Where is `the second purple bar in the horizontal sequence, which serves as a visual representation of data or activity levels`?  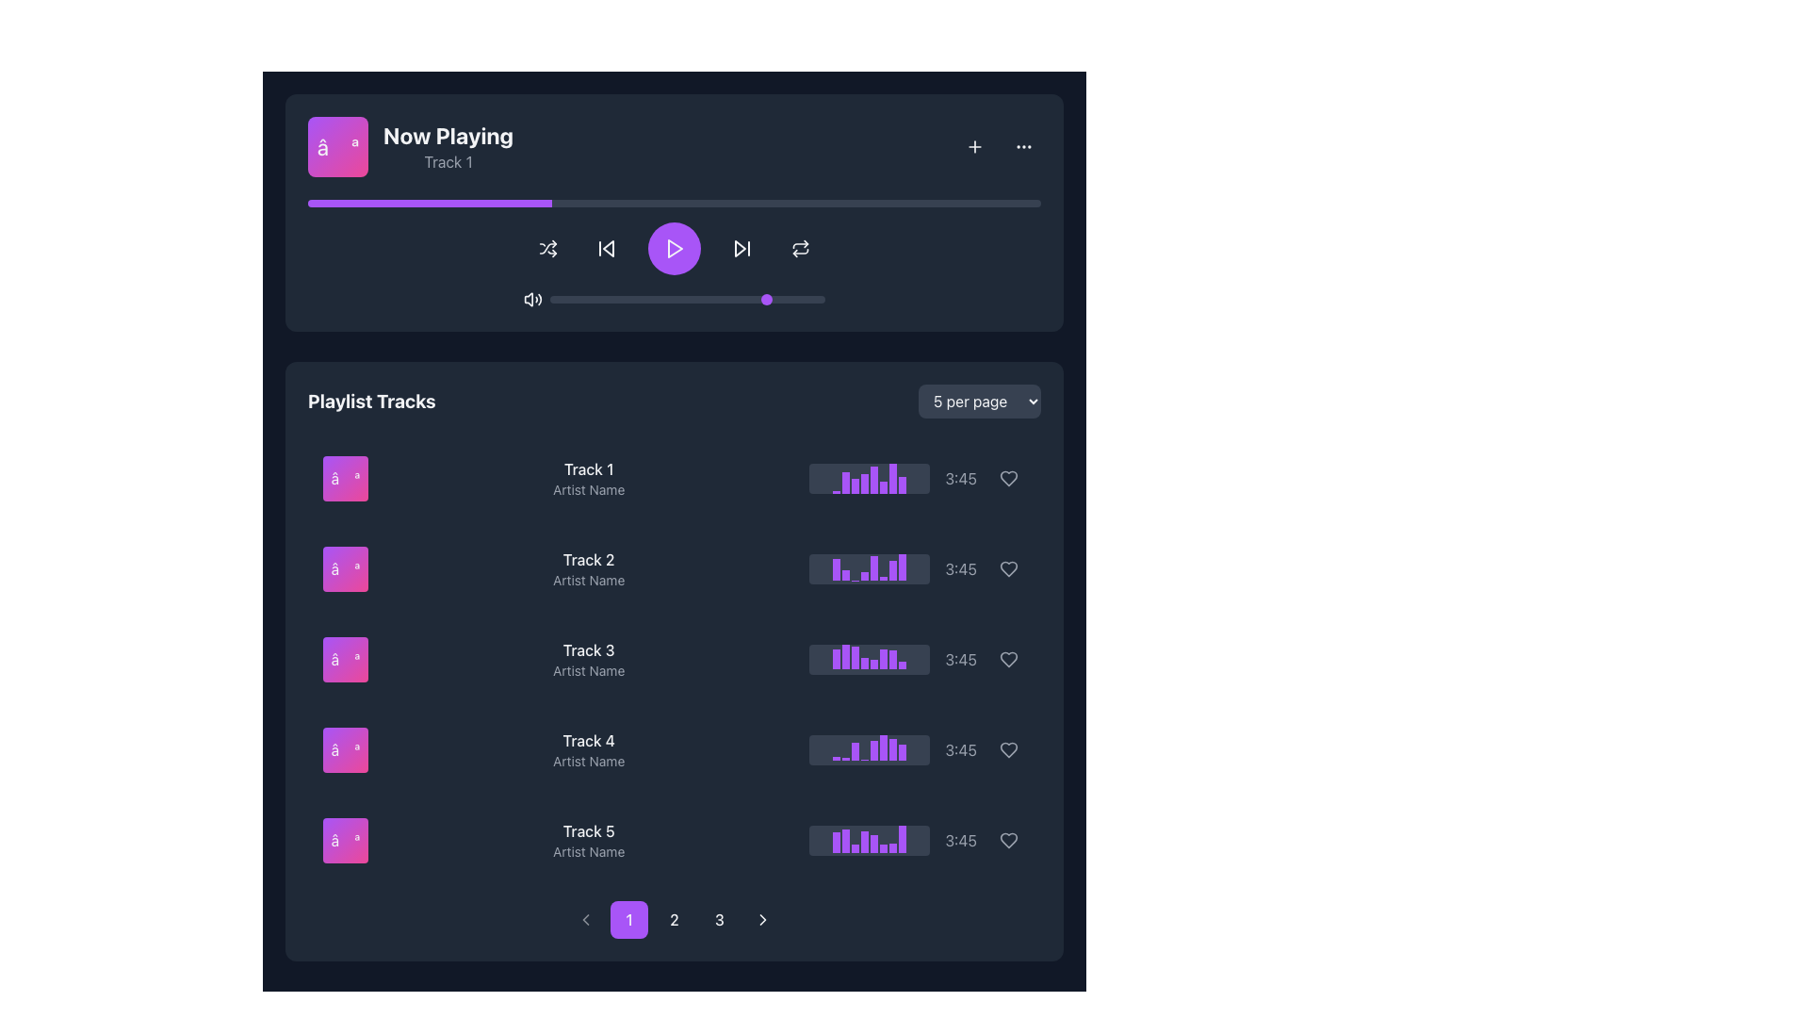 the second purple bar in the horizontal sequence, which serves as a visual representation of data or activity levels is located at coordinates (845, 656).